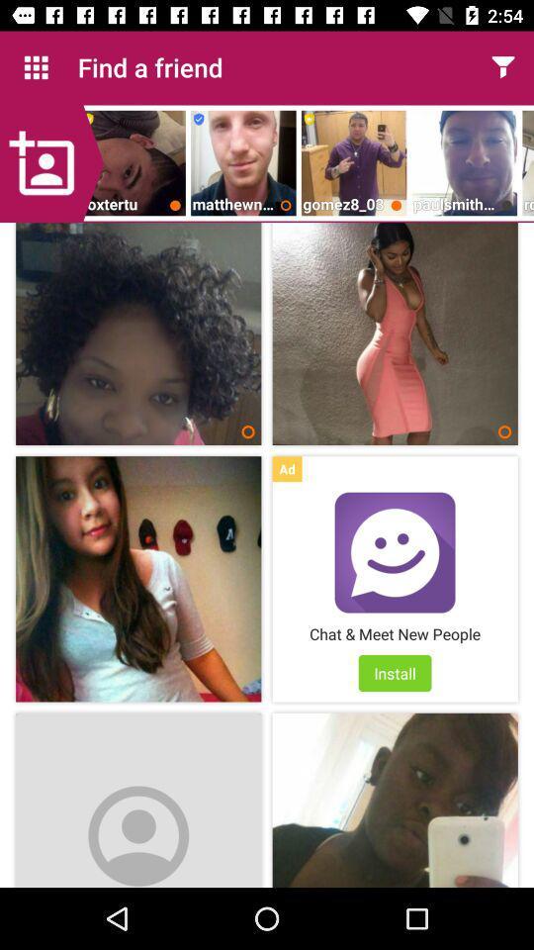  What do you see at coordinates (51, 162) in the screenshot?
I see `person button` at bounding box center [51, 162].